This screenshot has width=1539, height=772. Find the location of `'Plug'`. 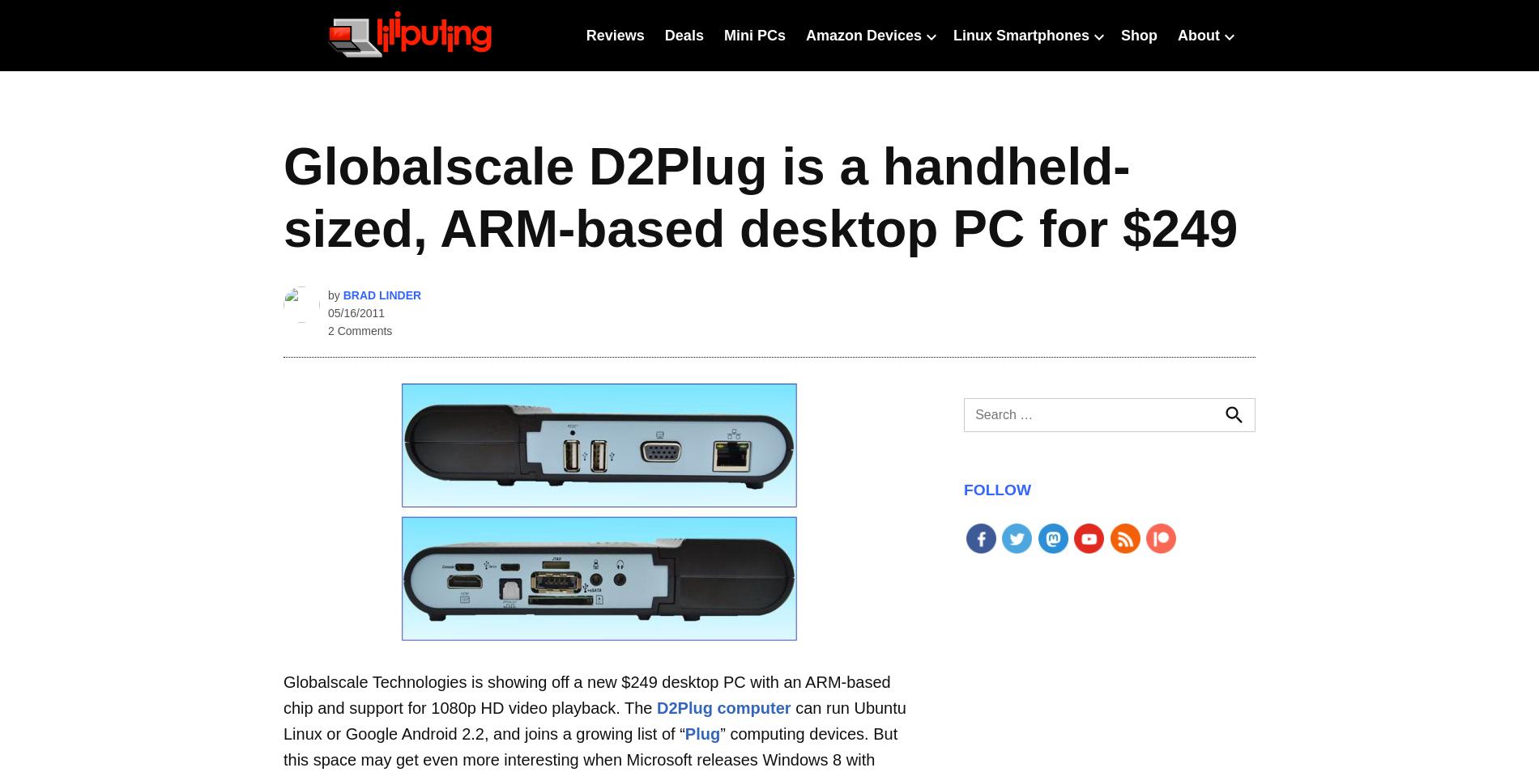

'Plug' is located at coordinates (701, 733).